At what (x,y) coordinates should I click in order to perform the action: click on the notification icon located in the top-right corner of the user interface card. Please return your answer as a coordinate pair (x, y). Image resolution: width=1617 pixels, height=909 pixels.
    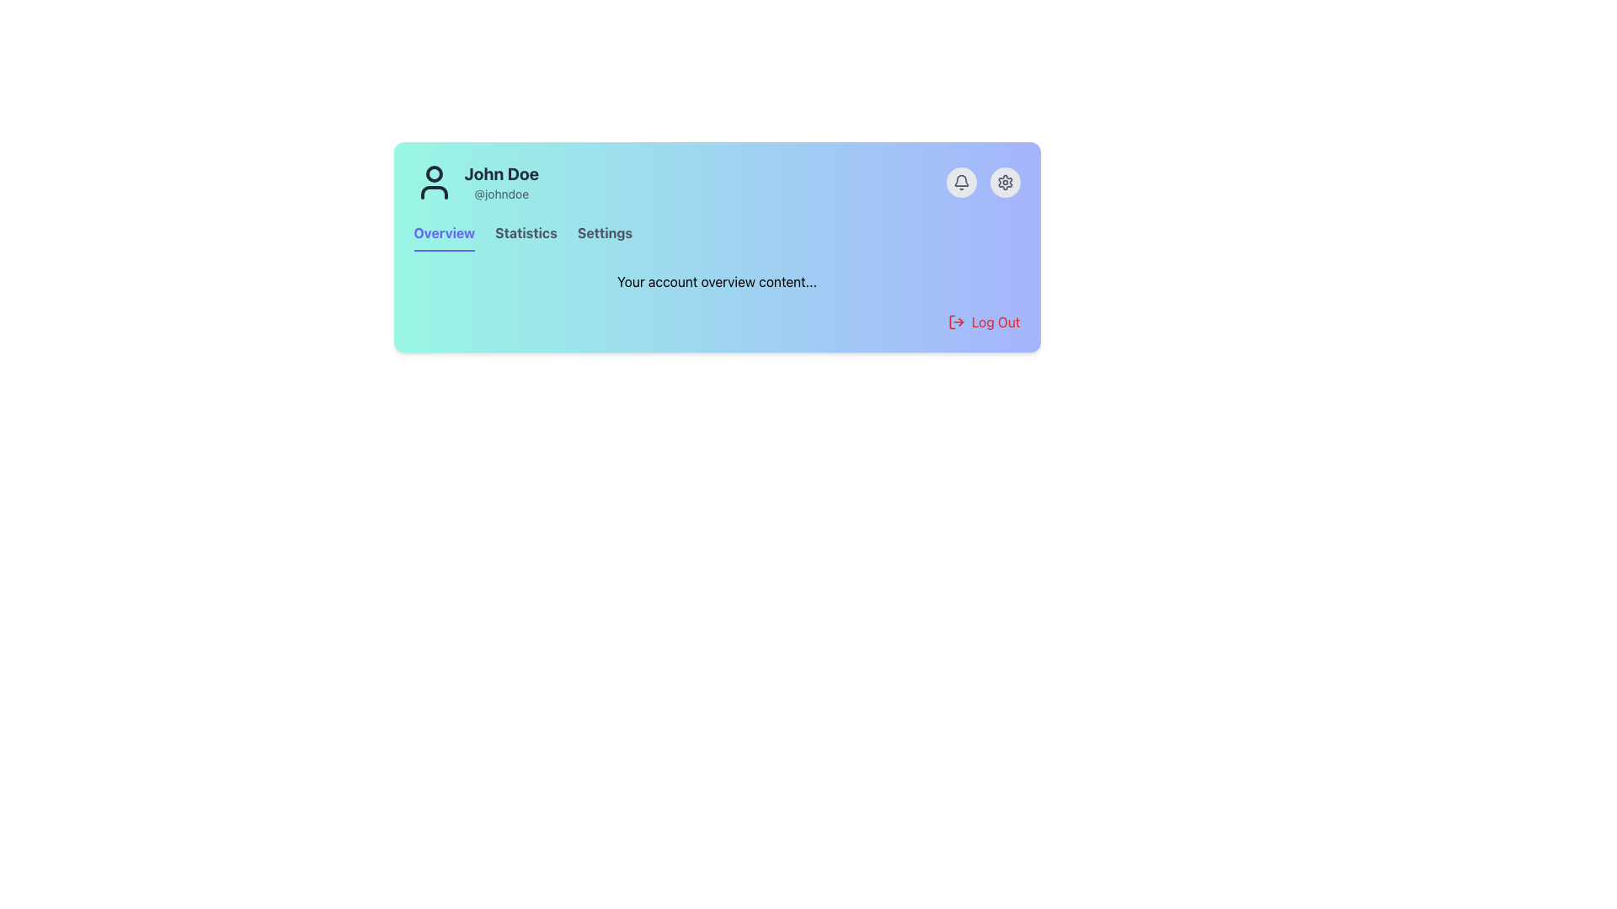
    Looking at the image, I should click on (961, 182).